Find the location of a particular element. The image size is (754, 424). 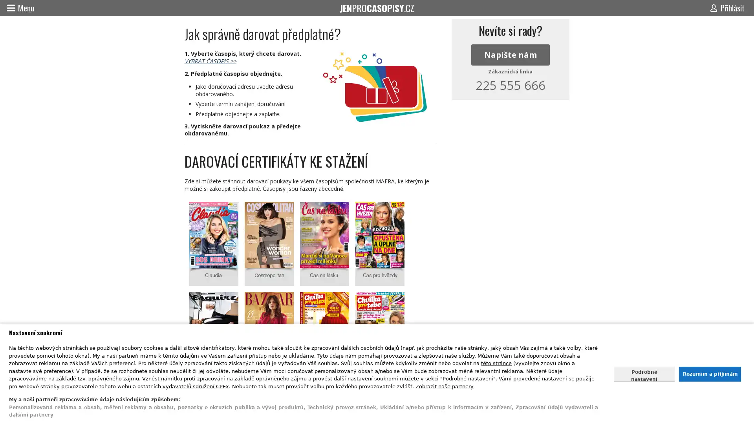

Zobrazit nase partnery is located at coordinates (445, 386).